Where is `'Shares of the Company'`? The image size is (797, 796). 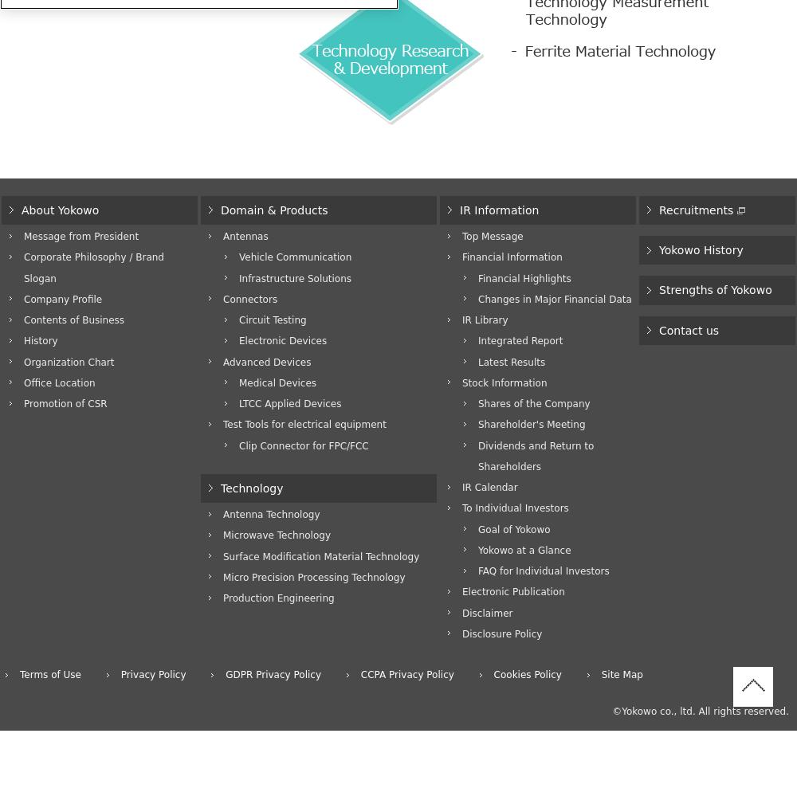
'Shares of the Company' is located at coordinates (534, 402).